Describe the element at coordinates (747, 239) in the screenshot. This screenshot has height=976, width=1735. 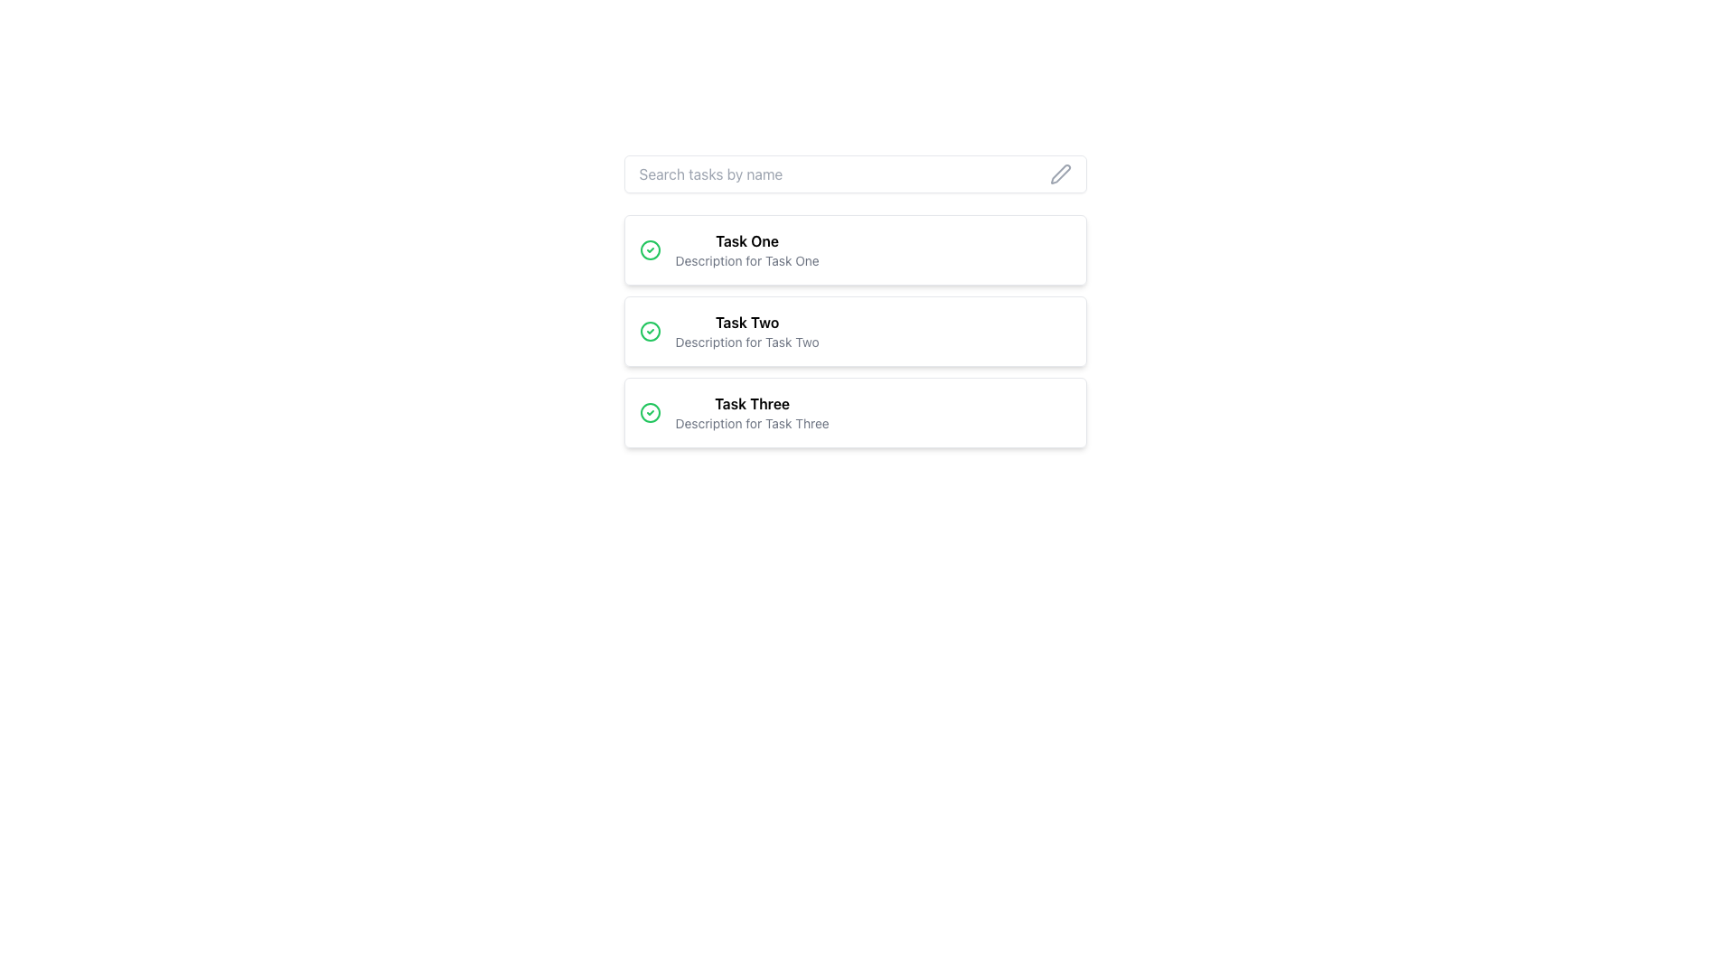
I see `the bold text label 'Task One'` at that location.